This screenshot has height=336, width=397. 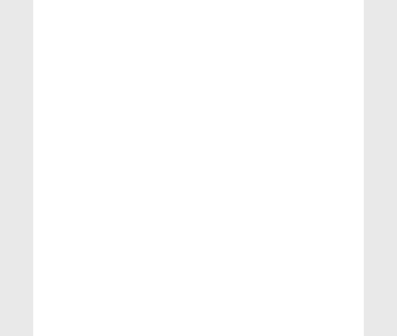 I want to click on 'Google Adsense', so click(x=302, y=289).